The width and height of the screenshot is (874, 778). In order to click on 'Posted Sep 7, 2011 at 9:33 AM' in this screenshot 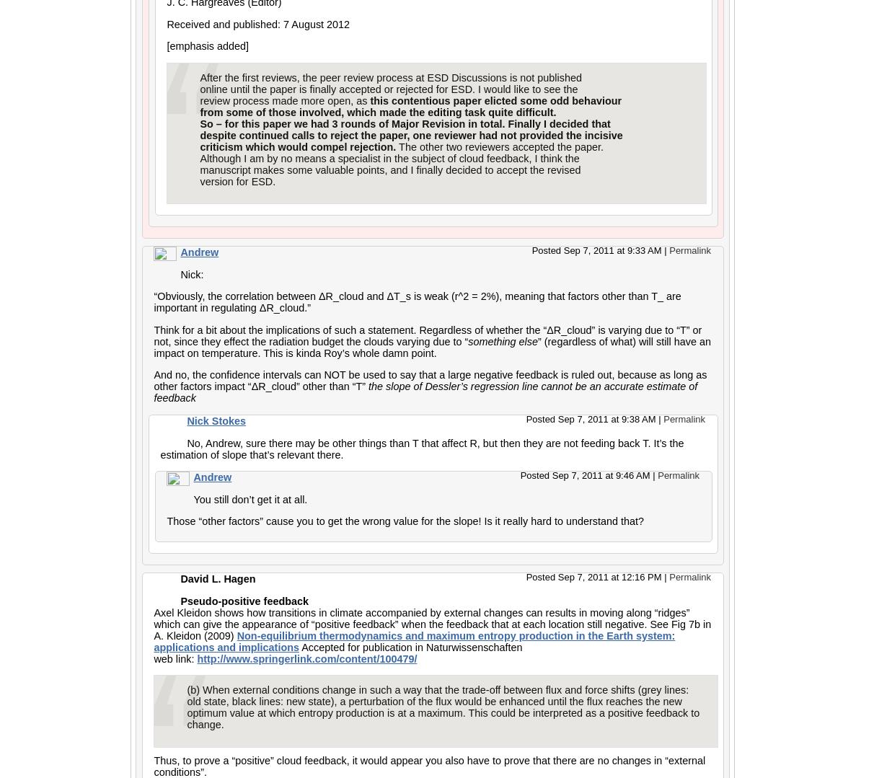, I will do `click(597, 250)`.